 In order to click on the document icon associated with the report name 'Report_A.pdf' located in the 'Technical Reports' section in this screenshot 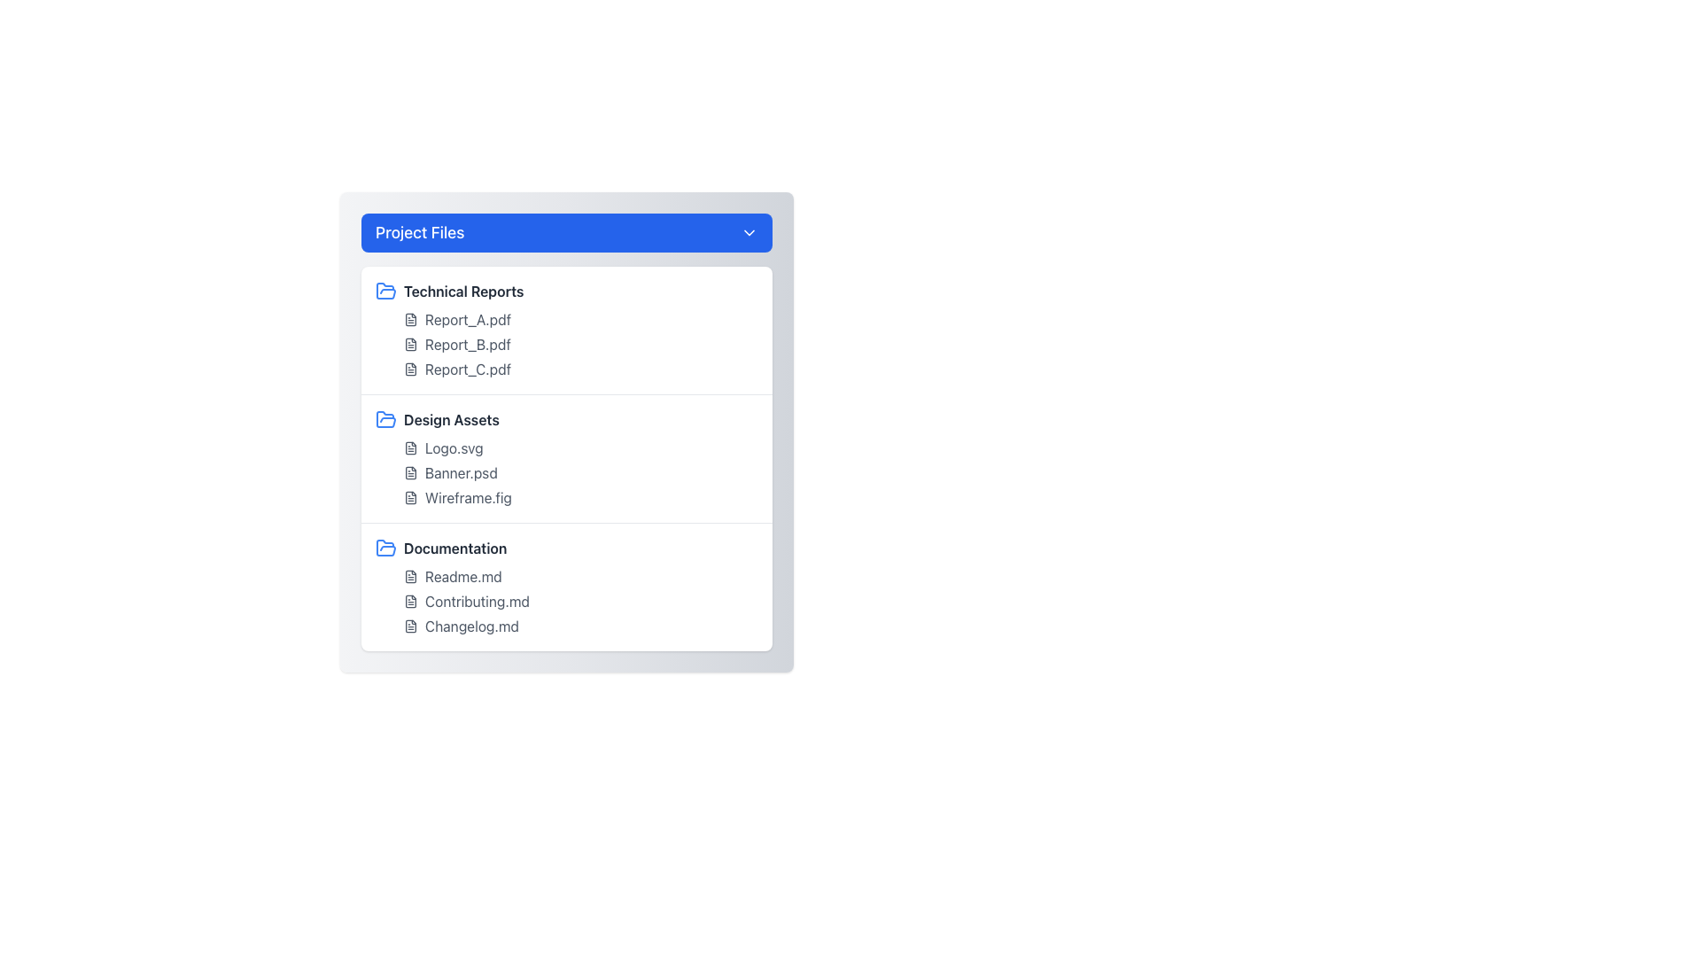, I will do `click(410, 320)`.